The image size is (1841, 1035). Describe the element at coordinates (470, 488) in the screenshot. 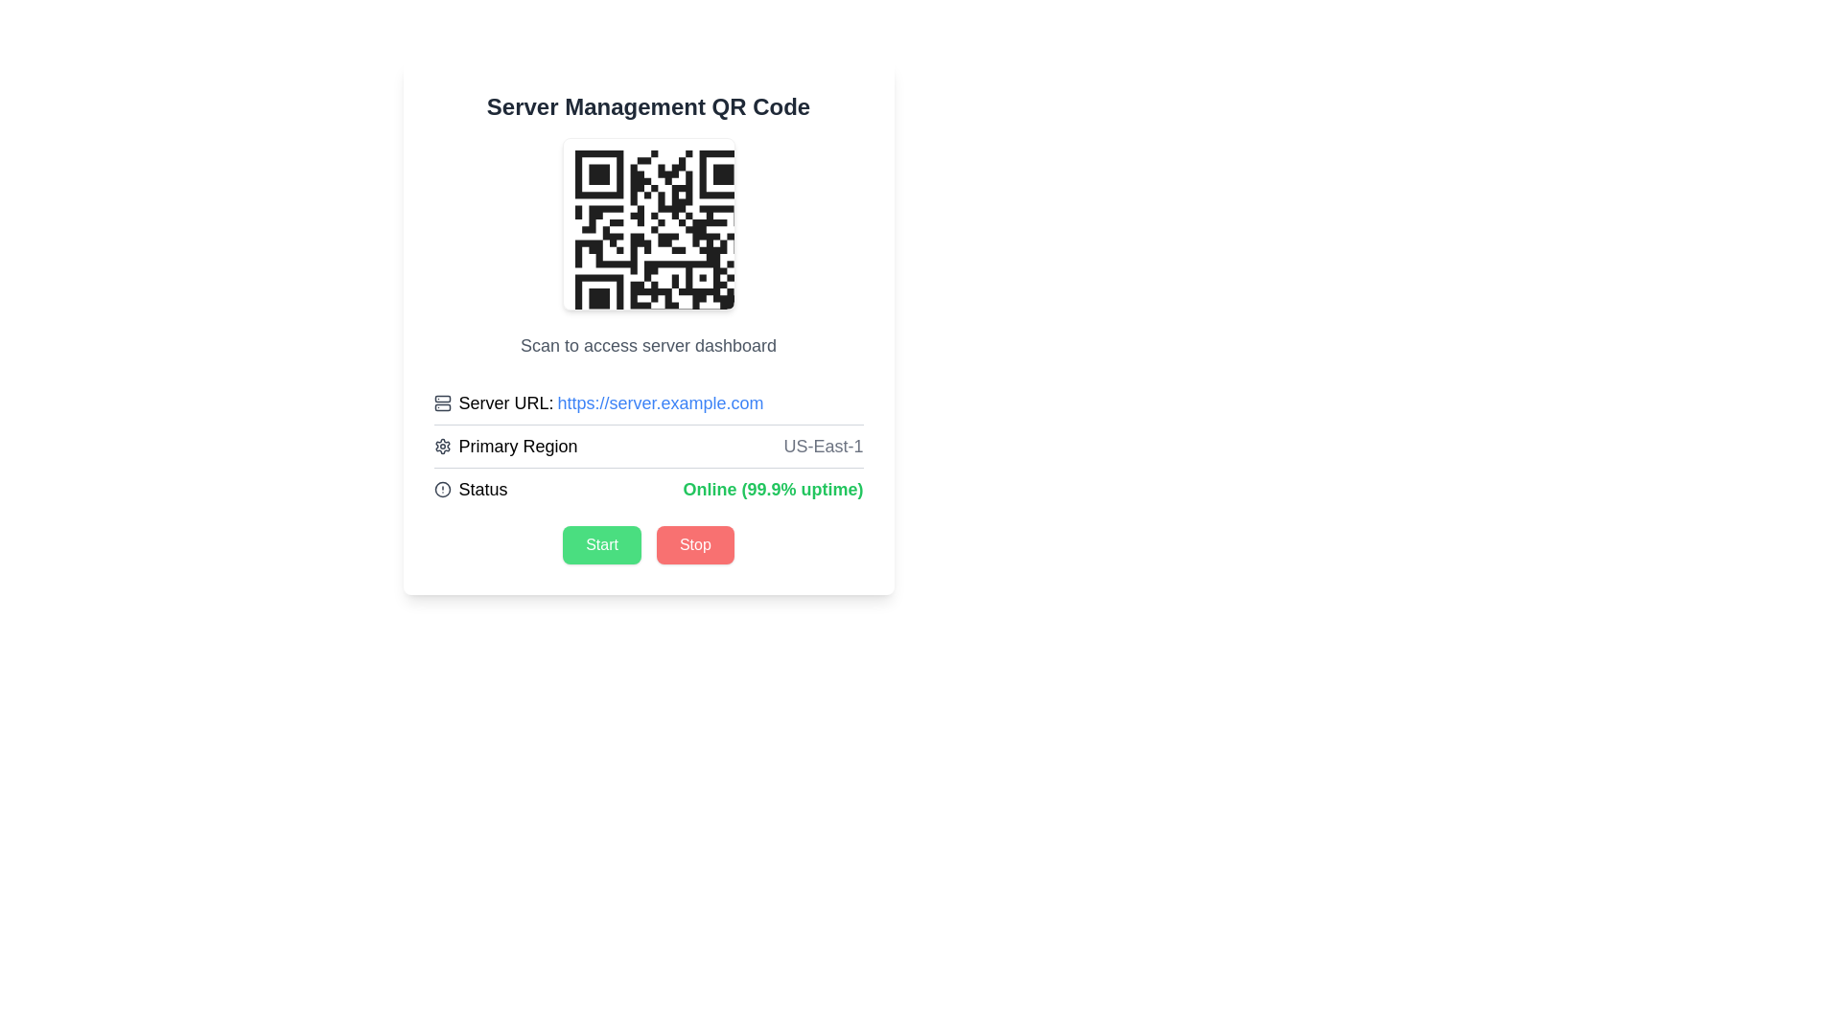

I see `the information of the status label located in the 'Status' section, which is positioned to the left of 'Online (99.9% uptime)'` at that location.